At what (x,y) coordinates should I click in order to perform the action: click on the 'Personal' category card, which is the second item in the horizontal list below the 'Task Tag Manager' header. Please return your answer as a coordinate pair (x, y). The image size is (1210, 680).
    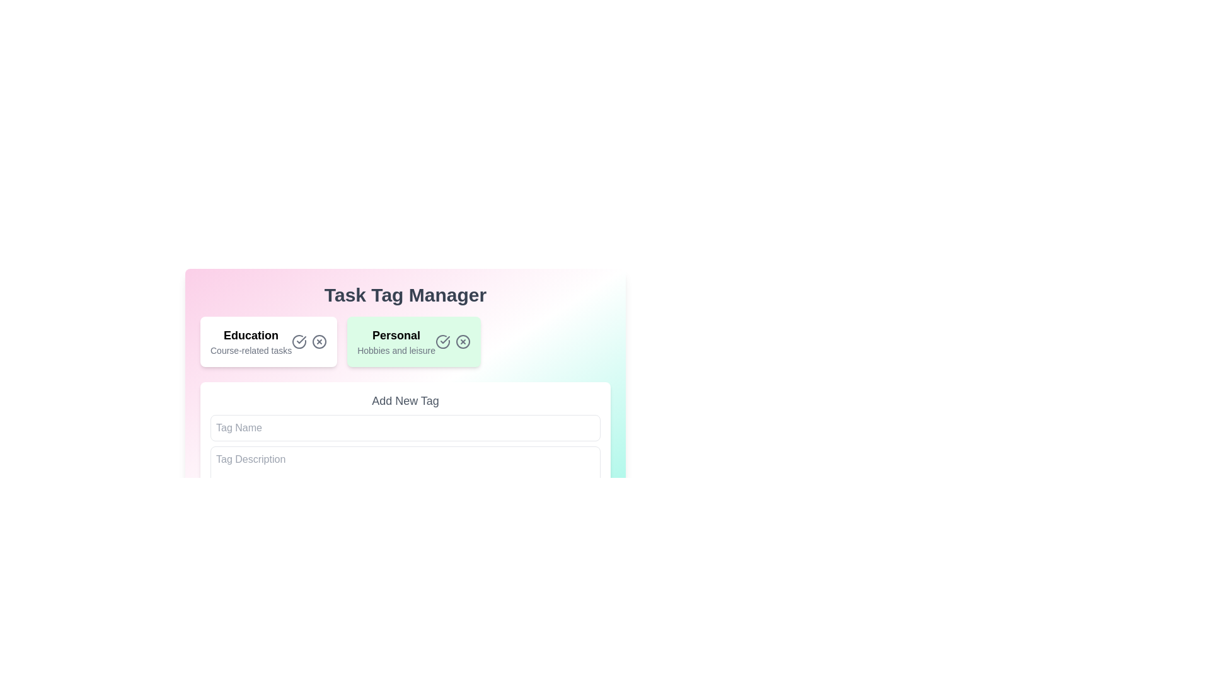
    Looking at the image, I should click on (405, 366).